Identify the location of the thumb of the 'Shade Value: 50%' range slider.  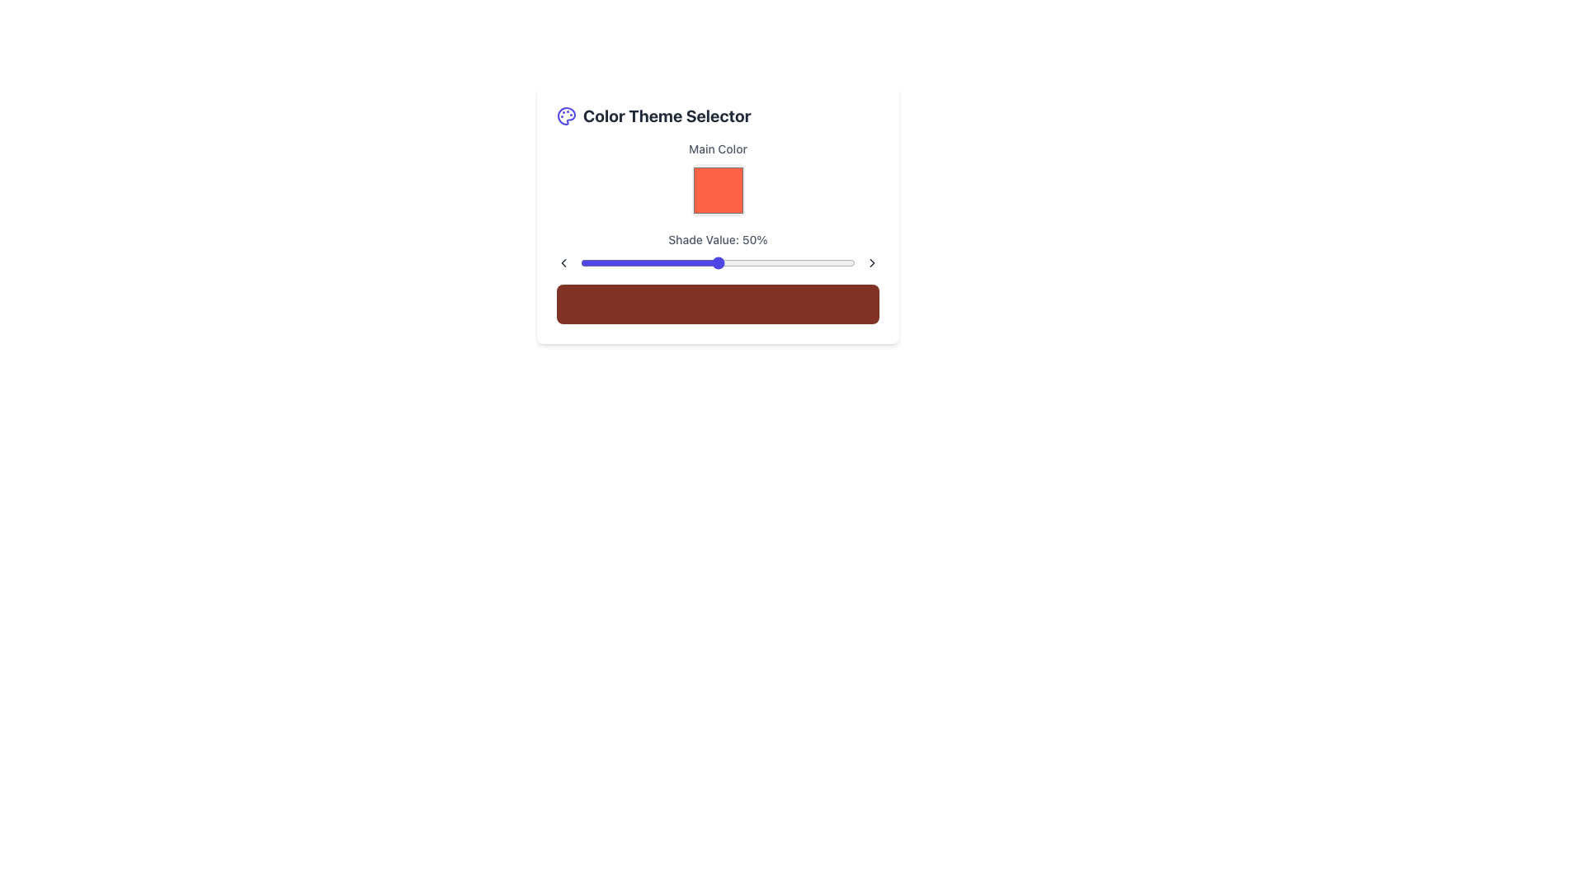
(718, 251).